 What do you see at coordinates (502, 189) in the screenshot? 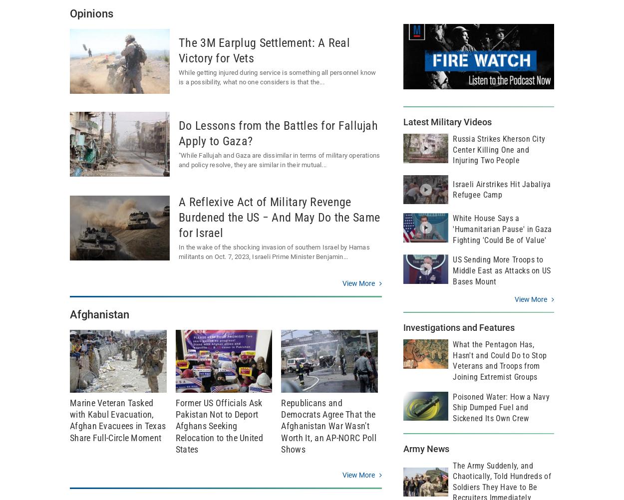
I see `'Israeli Airstrikes Hit Jabaliya Refugee Camp'` at bounding box center [502, 189].